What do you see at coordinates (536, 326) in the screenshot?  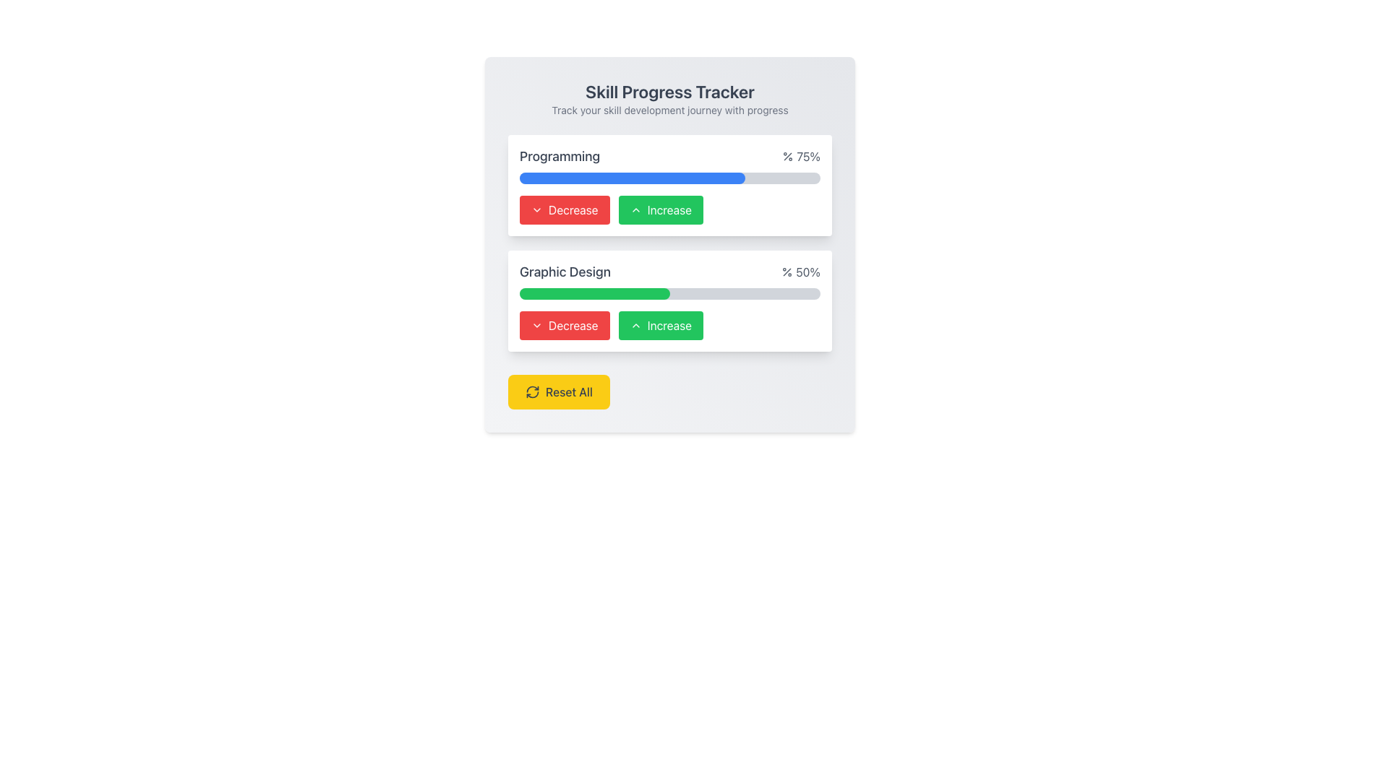 I see `the chevron-down icon located on the left side of the 'Decrease' button to decrease the progress` at bounding box center [536, 326].